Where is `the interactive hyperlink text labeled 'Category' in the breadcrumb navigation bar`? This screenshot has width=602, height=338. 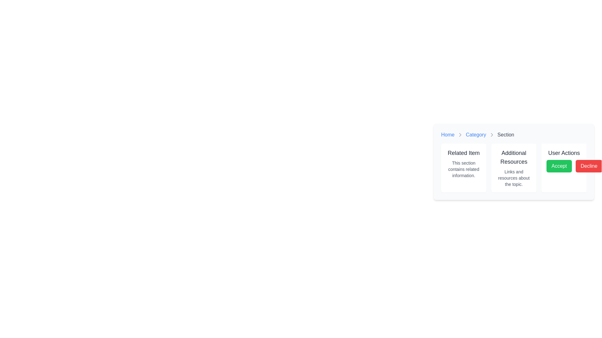
the interactive hyperlink text labeled 'Category' in the breadcrumb navigation bar is located at coordinates (476, 135).